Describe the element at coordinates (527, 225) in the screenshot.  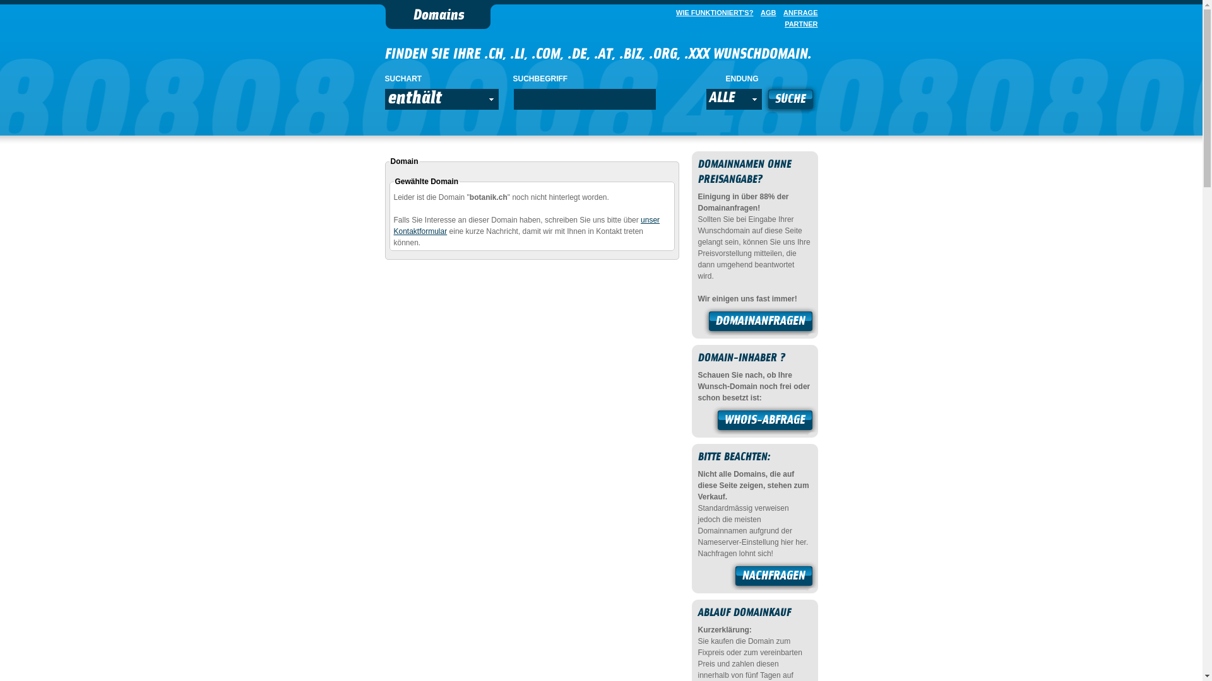
I see `'unser Kontaktformular'` at that location.